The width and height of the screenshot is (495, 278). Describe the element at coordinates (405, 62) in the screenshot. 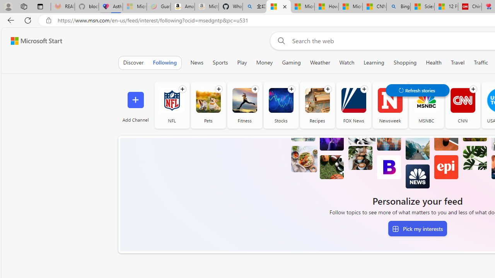

I see `'Shopping'` at that location.